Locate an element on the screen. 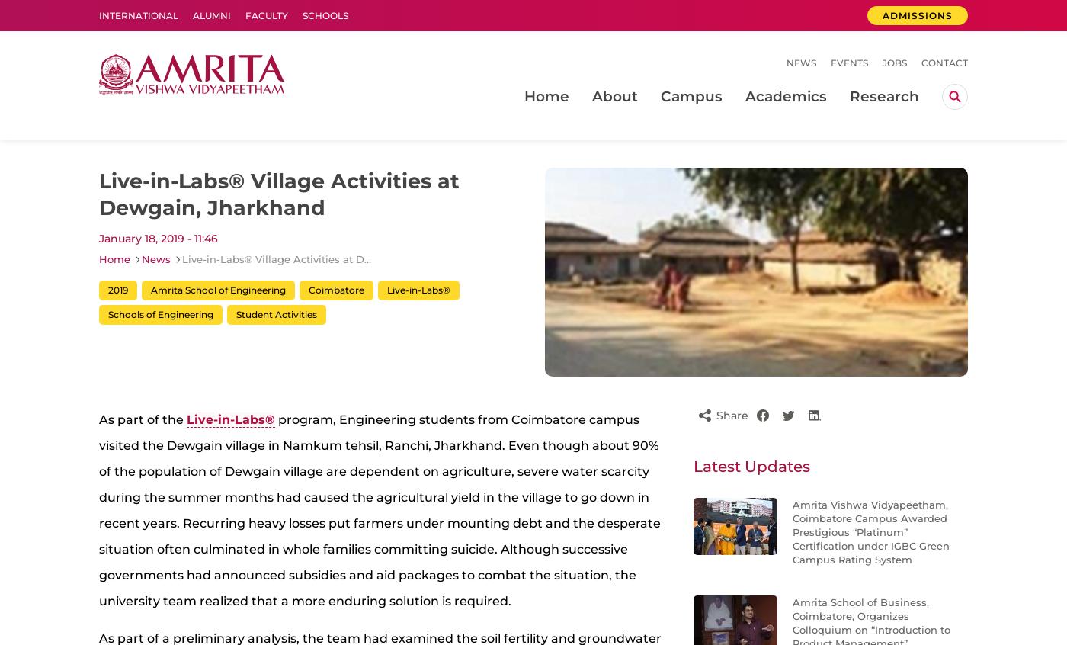  'Schools of Engineering' is located at coordinates (160, 313).